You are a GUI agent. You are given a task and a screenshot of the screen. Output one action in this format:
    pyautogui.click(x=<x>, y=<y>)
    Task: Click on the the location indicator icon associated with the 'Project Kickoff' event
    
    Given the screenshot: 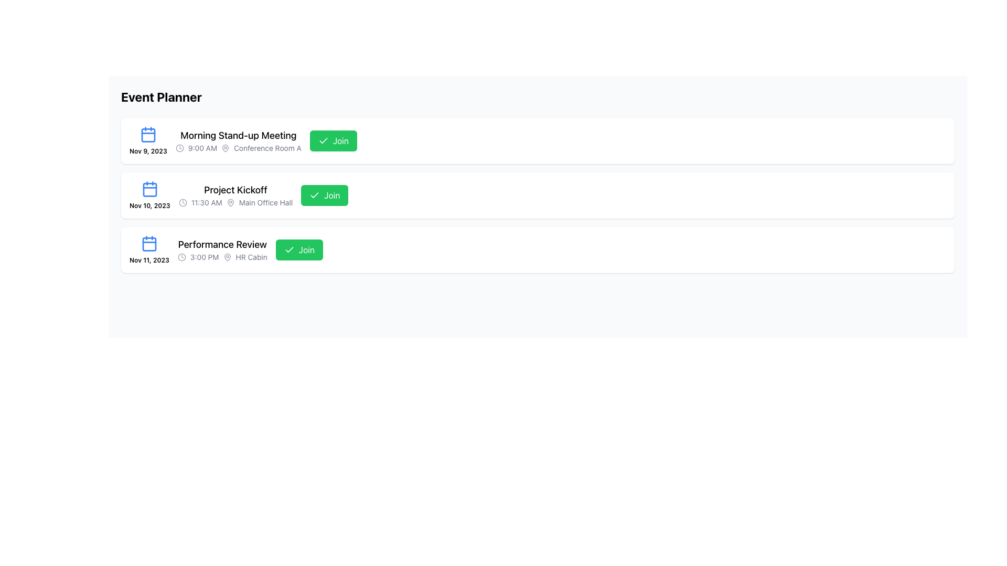 What is the action you would take?
    pyautogui.click(x=230, y=202)
    